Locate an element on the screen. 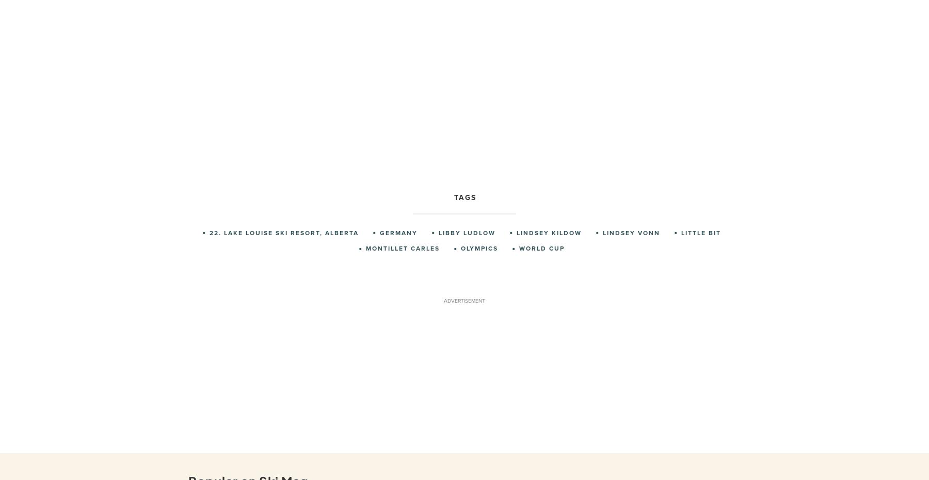 Image resolution: width=929 pixels, height=480 pixels. 'Lindsey Vonn' is located at coordinates (631, 231).